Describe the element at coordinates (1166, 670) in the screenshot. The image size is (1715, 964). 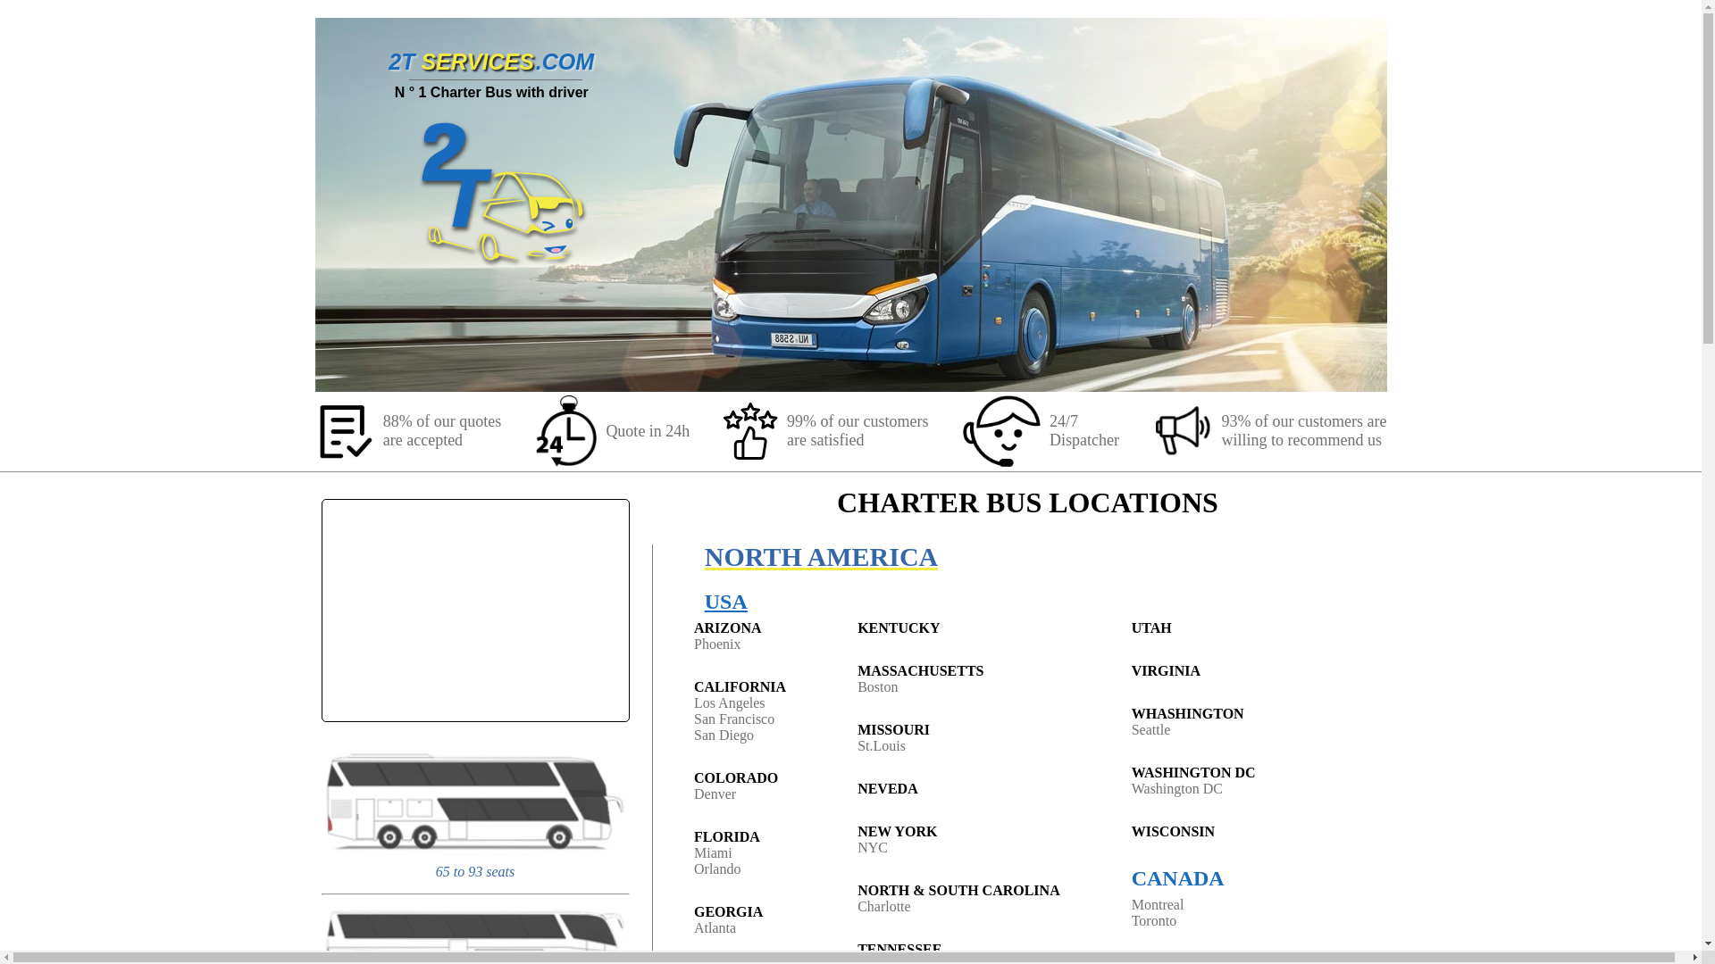
I see `'VIRGINIA'` at that location.